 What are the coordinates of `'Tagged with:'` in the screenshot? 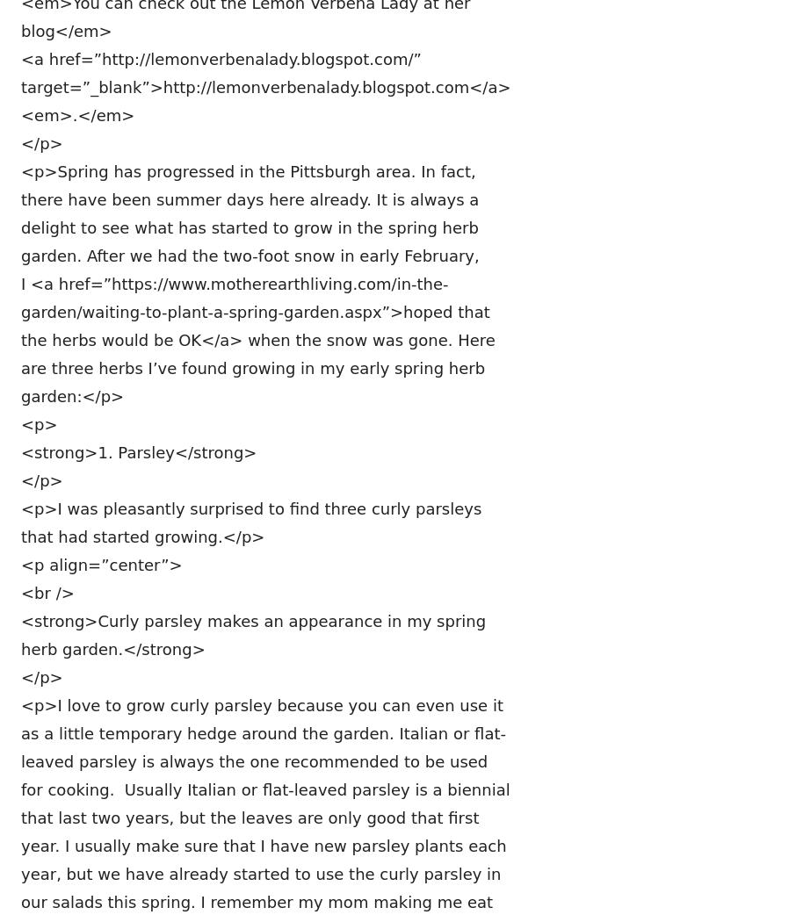 It's located at (20, 612).